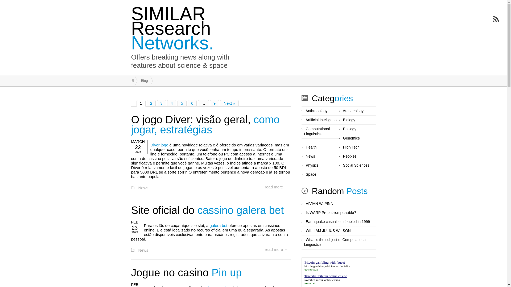  I want to click on 'VIVIAN W. PINN', so click(306, 204).